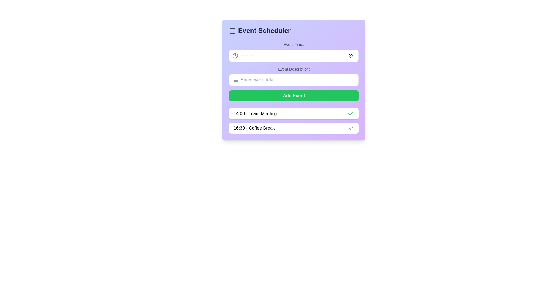 Image resolution: width=536 pixels, height=301 pixels. Describe the element at coordinates (293, 44) in the screenshot. I see `the Text Label that serves as a label for the event time input field, located near the top central portion of the interface` at that location.